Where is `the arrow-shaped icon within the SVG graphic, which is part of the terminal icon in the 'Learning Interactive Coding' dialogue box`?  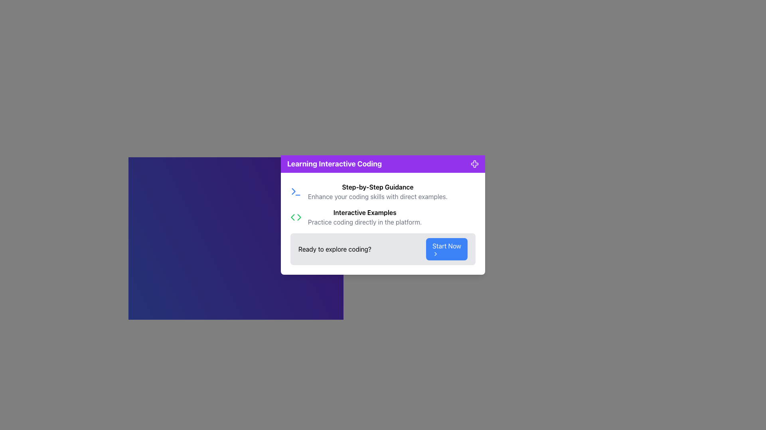
the arrow-shaped icon within the SVG graphic, which is part of the terminal icon in the 'Learning Interactive Coding' dialogue box is located at coordinates (293, 191).